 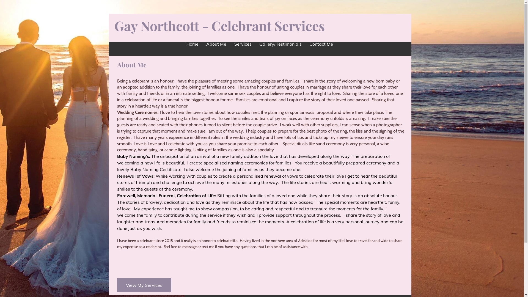 What do you see at coordinates (193, 43) in the screenshot?
I see `'Home'` at bounding box center [193, 43].